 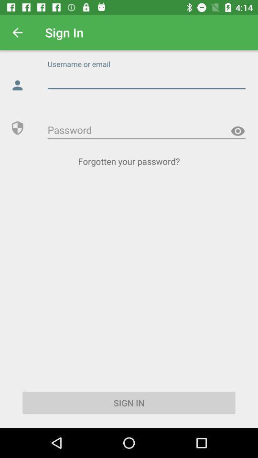 What do you see at coordinates (237, 131) in the screenshot?
I see `the visibility icon` at bounding box center [237, 131].